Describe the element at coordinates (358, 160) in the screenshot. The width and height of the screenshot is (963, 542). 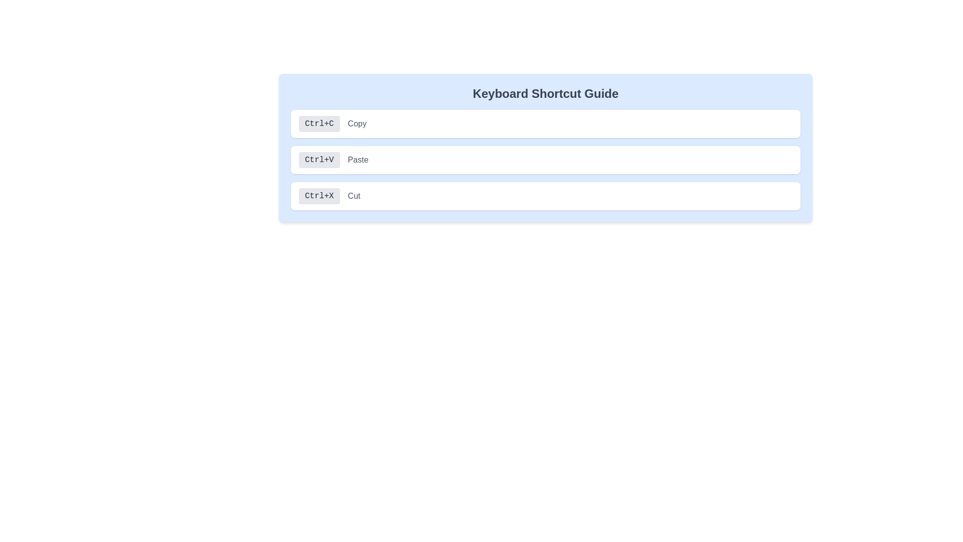
I see `the 'Paste' label styled in gray font, located in the second row of the 'Keyboard Shortcut Guide' interface, to the right of the 'Ctrl+V' text` at that location.